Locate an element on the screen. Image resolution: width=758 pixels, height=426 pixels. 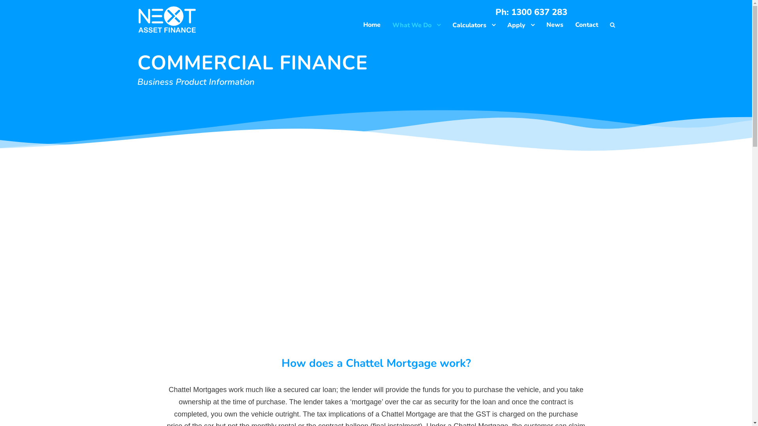
'Home' is located at coordinates (371, 26).